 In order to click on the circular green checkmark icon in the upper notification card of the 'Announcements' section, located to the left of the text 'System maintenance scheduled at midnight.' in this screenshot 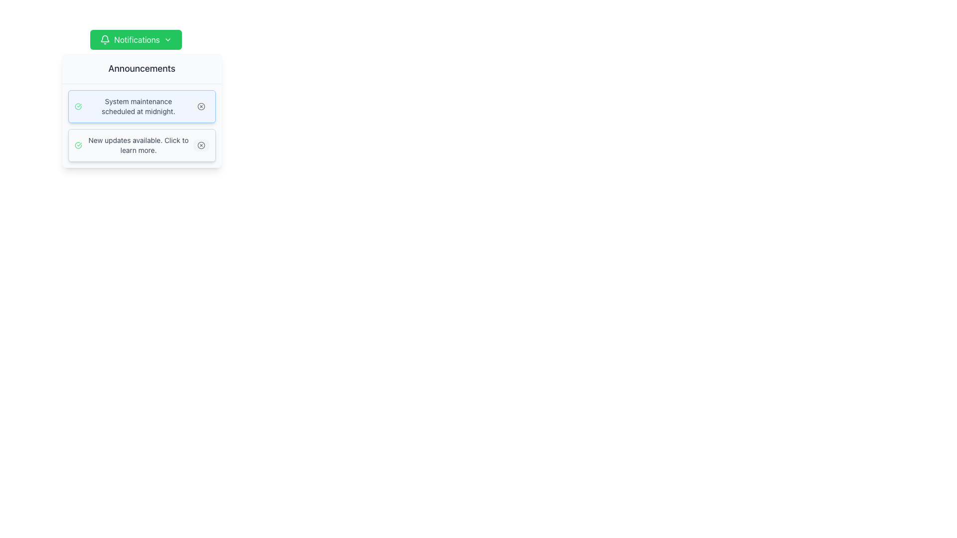, I will do `click(77, 106)`.